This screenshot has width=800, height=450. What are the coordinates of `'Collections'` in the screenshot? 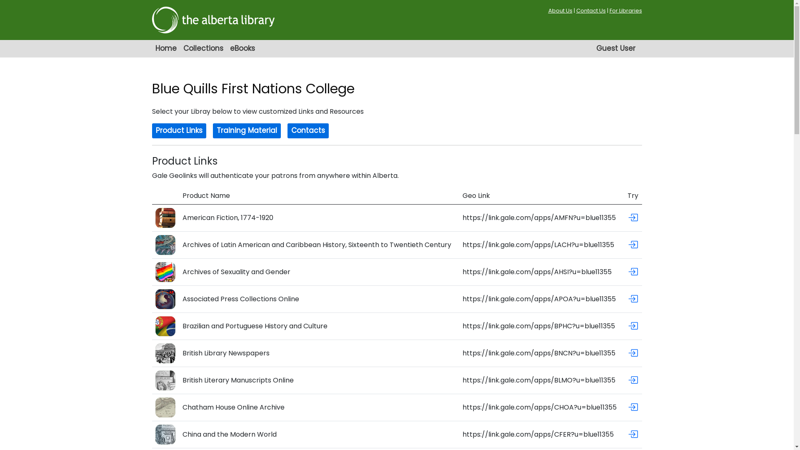 It's located at (203, 48).